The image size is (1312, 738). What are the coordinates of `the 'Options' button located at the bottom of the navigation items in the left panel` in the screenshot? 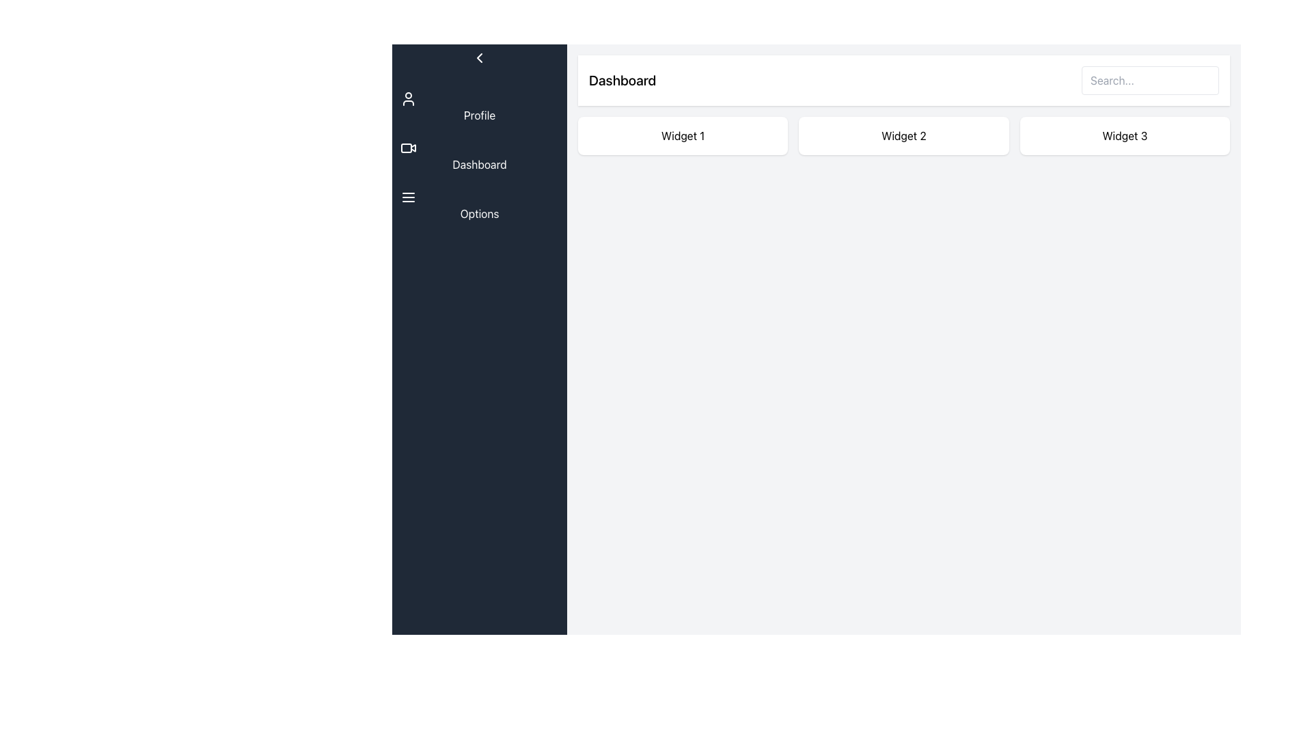 It's located at (479, 205).